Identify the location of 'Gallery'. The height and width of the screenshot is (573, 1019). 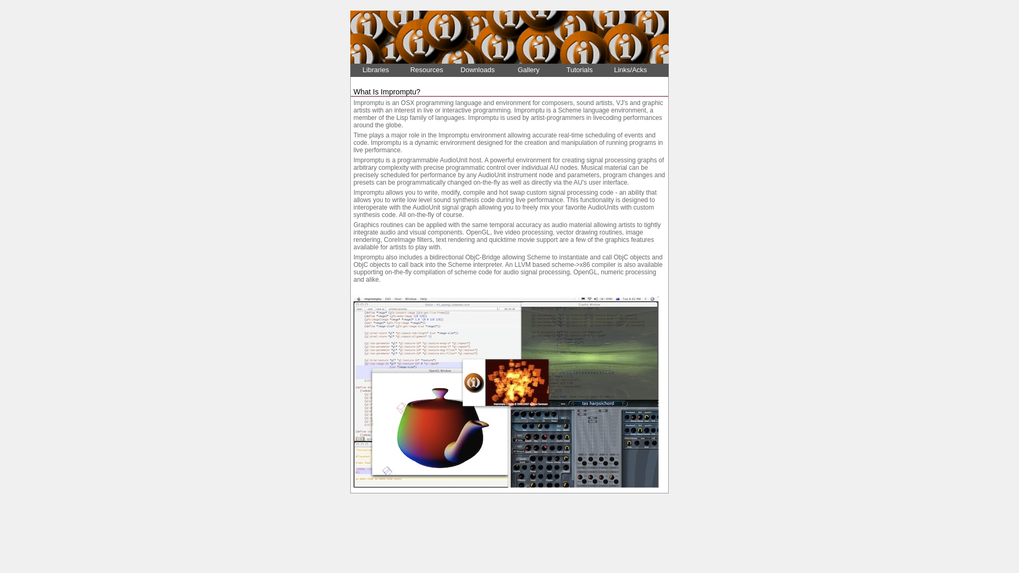
(528, 70).